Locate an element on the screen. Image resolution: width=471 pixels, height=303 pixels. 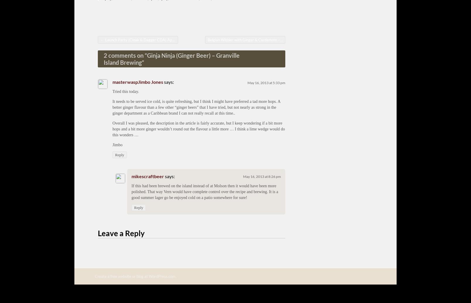
'masterwaspJimbo Jones' is located at coordinates (112, 81).